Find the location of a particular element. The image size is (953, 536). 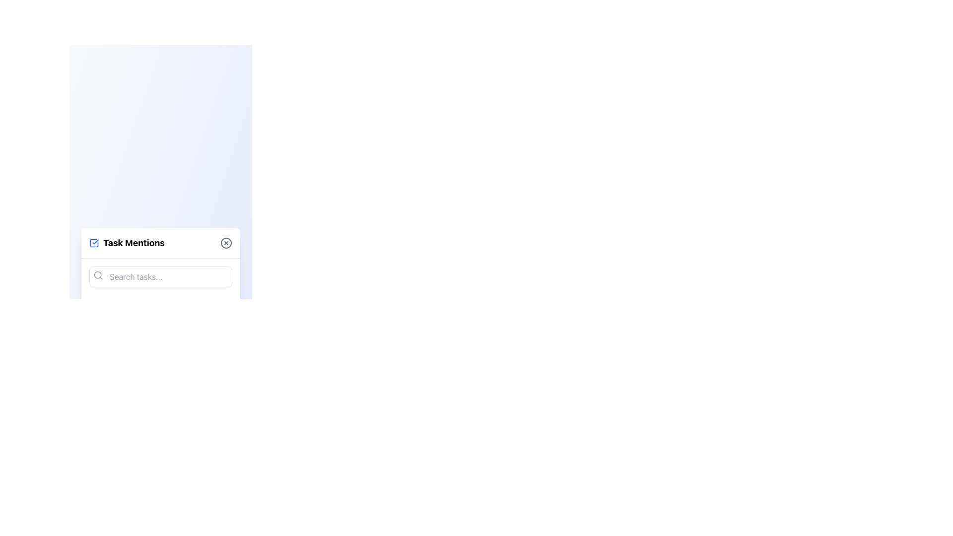

the Text Label that serves as a heading or label for the associated section, located to the right of a blue check icon and above a search bar is located at coordinates (133, 243).